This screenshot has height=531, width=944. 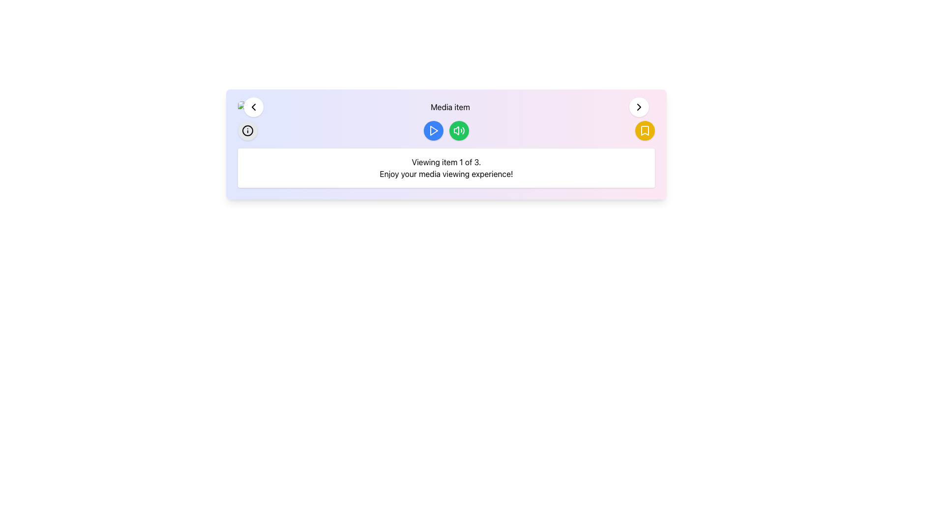 I want to click on the second icon from the left in the series of icons located in the upper section of the main card, so click(x=459, y=130).